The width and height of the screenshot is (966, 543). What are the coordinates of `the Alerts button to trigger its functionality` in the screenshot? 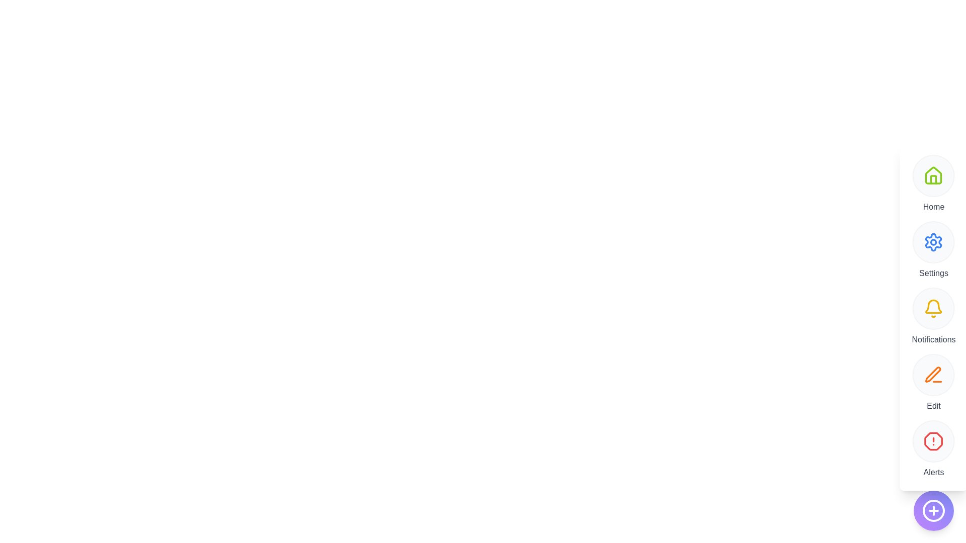 It's located at (933, 441).